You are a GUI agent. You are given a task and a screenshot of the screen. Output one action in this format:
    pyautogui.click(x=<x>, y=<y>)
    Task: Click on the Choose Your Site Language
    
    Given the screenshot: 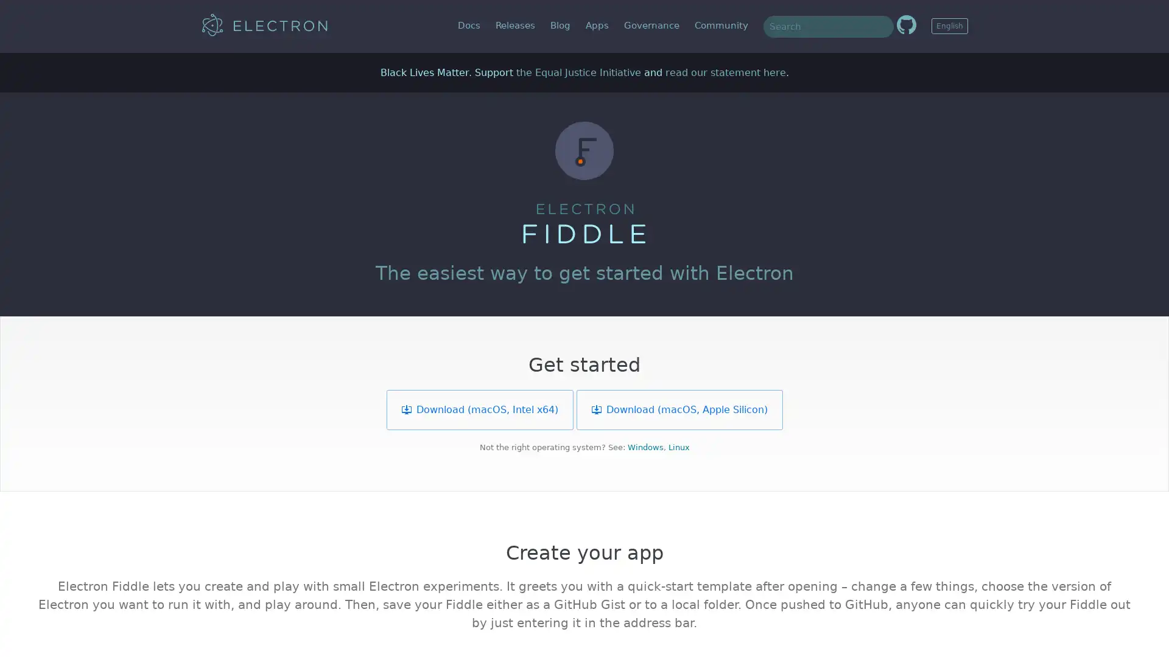 What is the action you would take?
    pyautogui.click(x=949, y=26)
    